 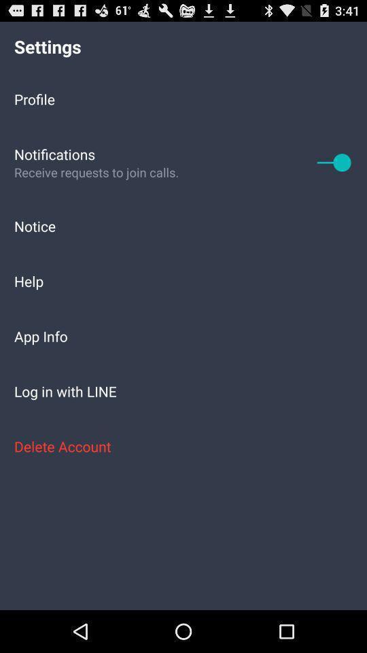 I want to click on app below app info item, so click(x=183, y=391).